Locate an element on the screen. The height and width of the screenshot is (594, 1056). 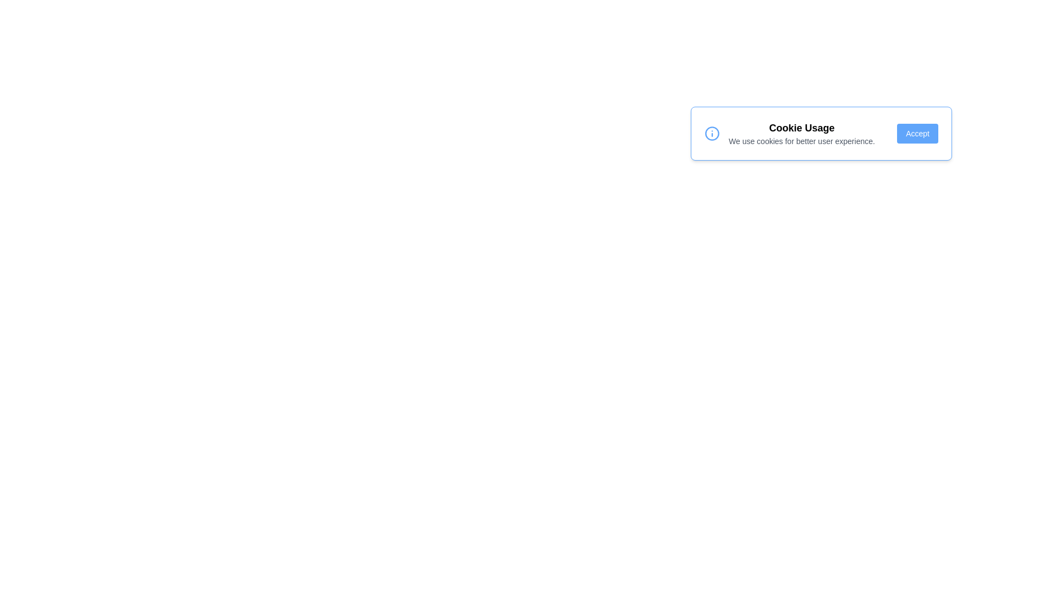
the information icon located at the leftmost part of the notification card near the 'Cookie Usage' text is located at coordinates (712, 133).